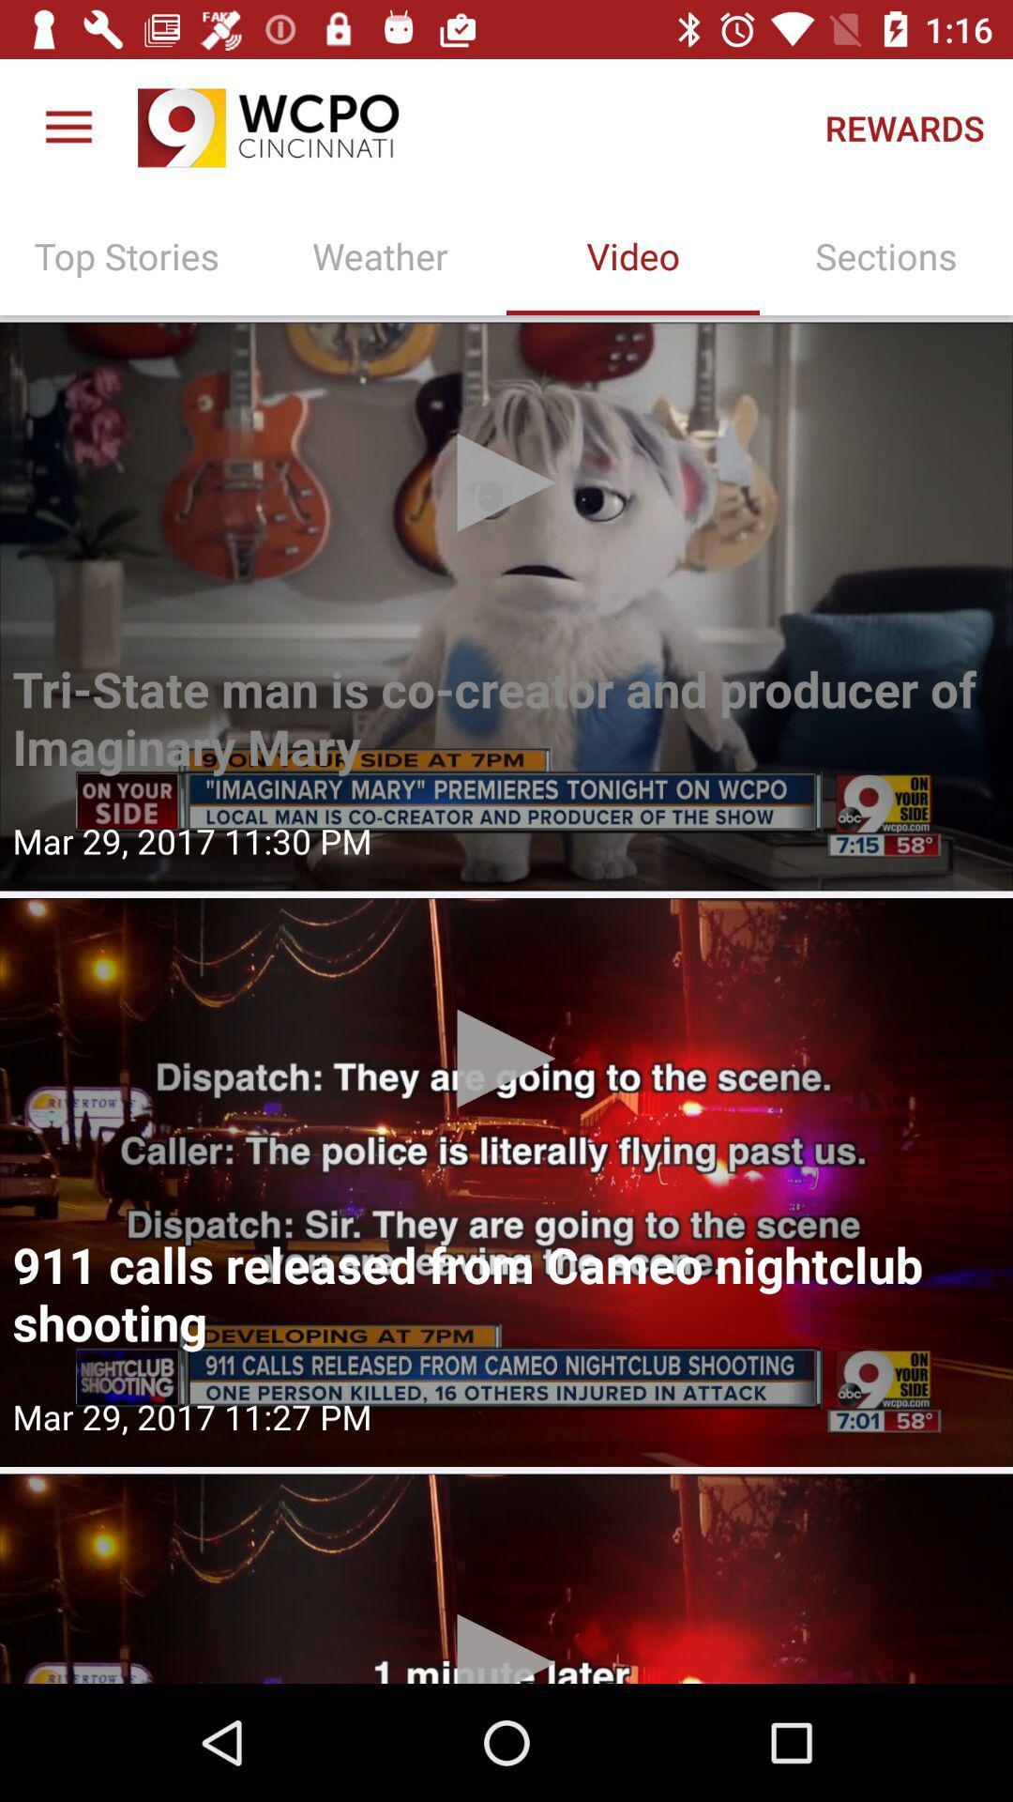  I want to click on open video, so click(506, 1578).